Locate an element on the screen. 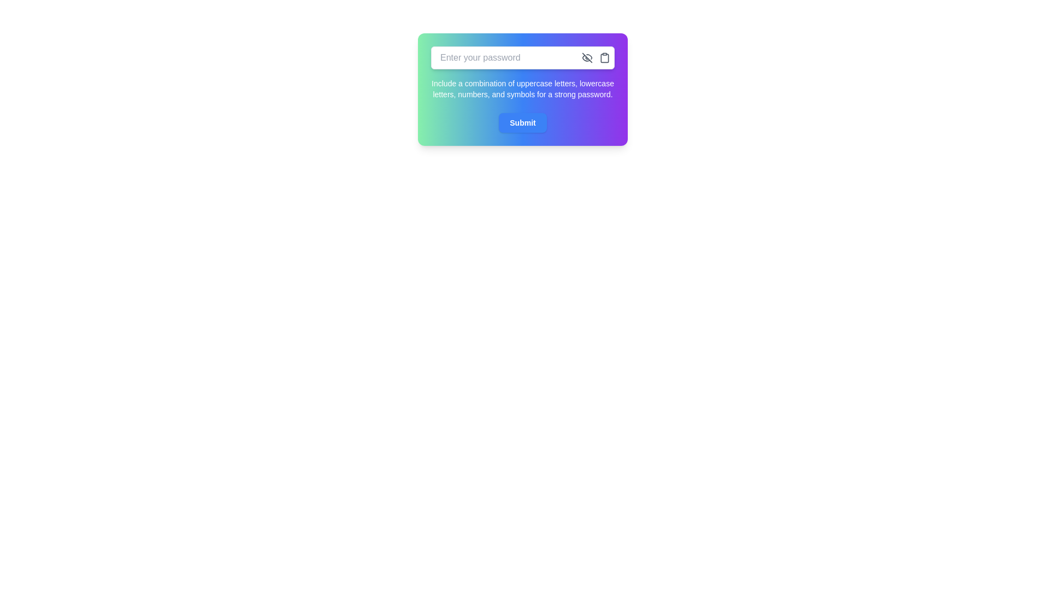 This screenshot has width=1049, height=590. the password visibility toggle button located at the right side of the password input field is located at coordinates (587, 57).